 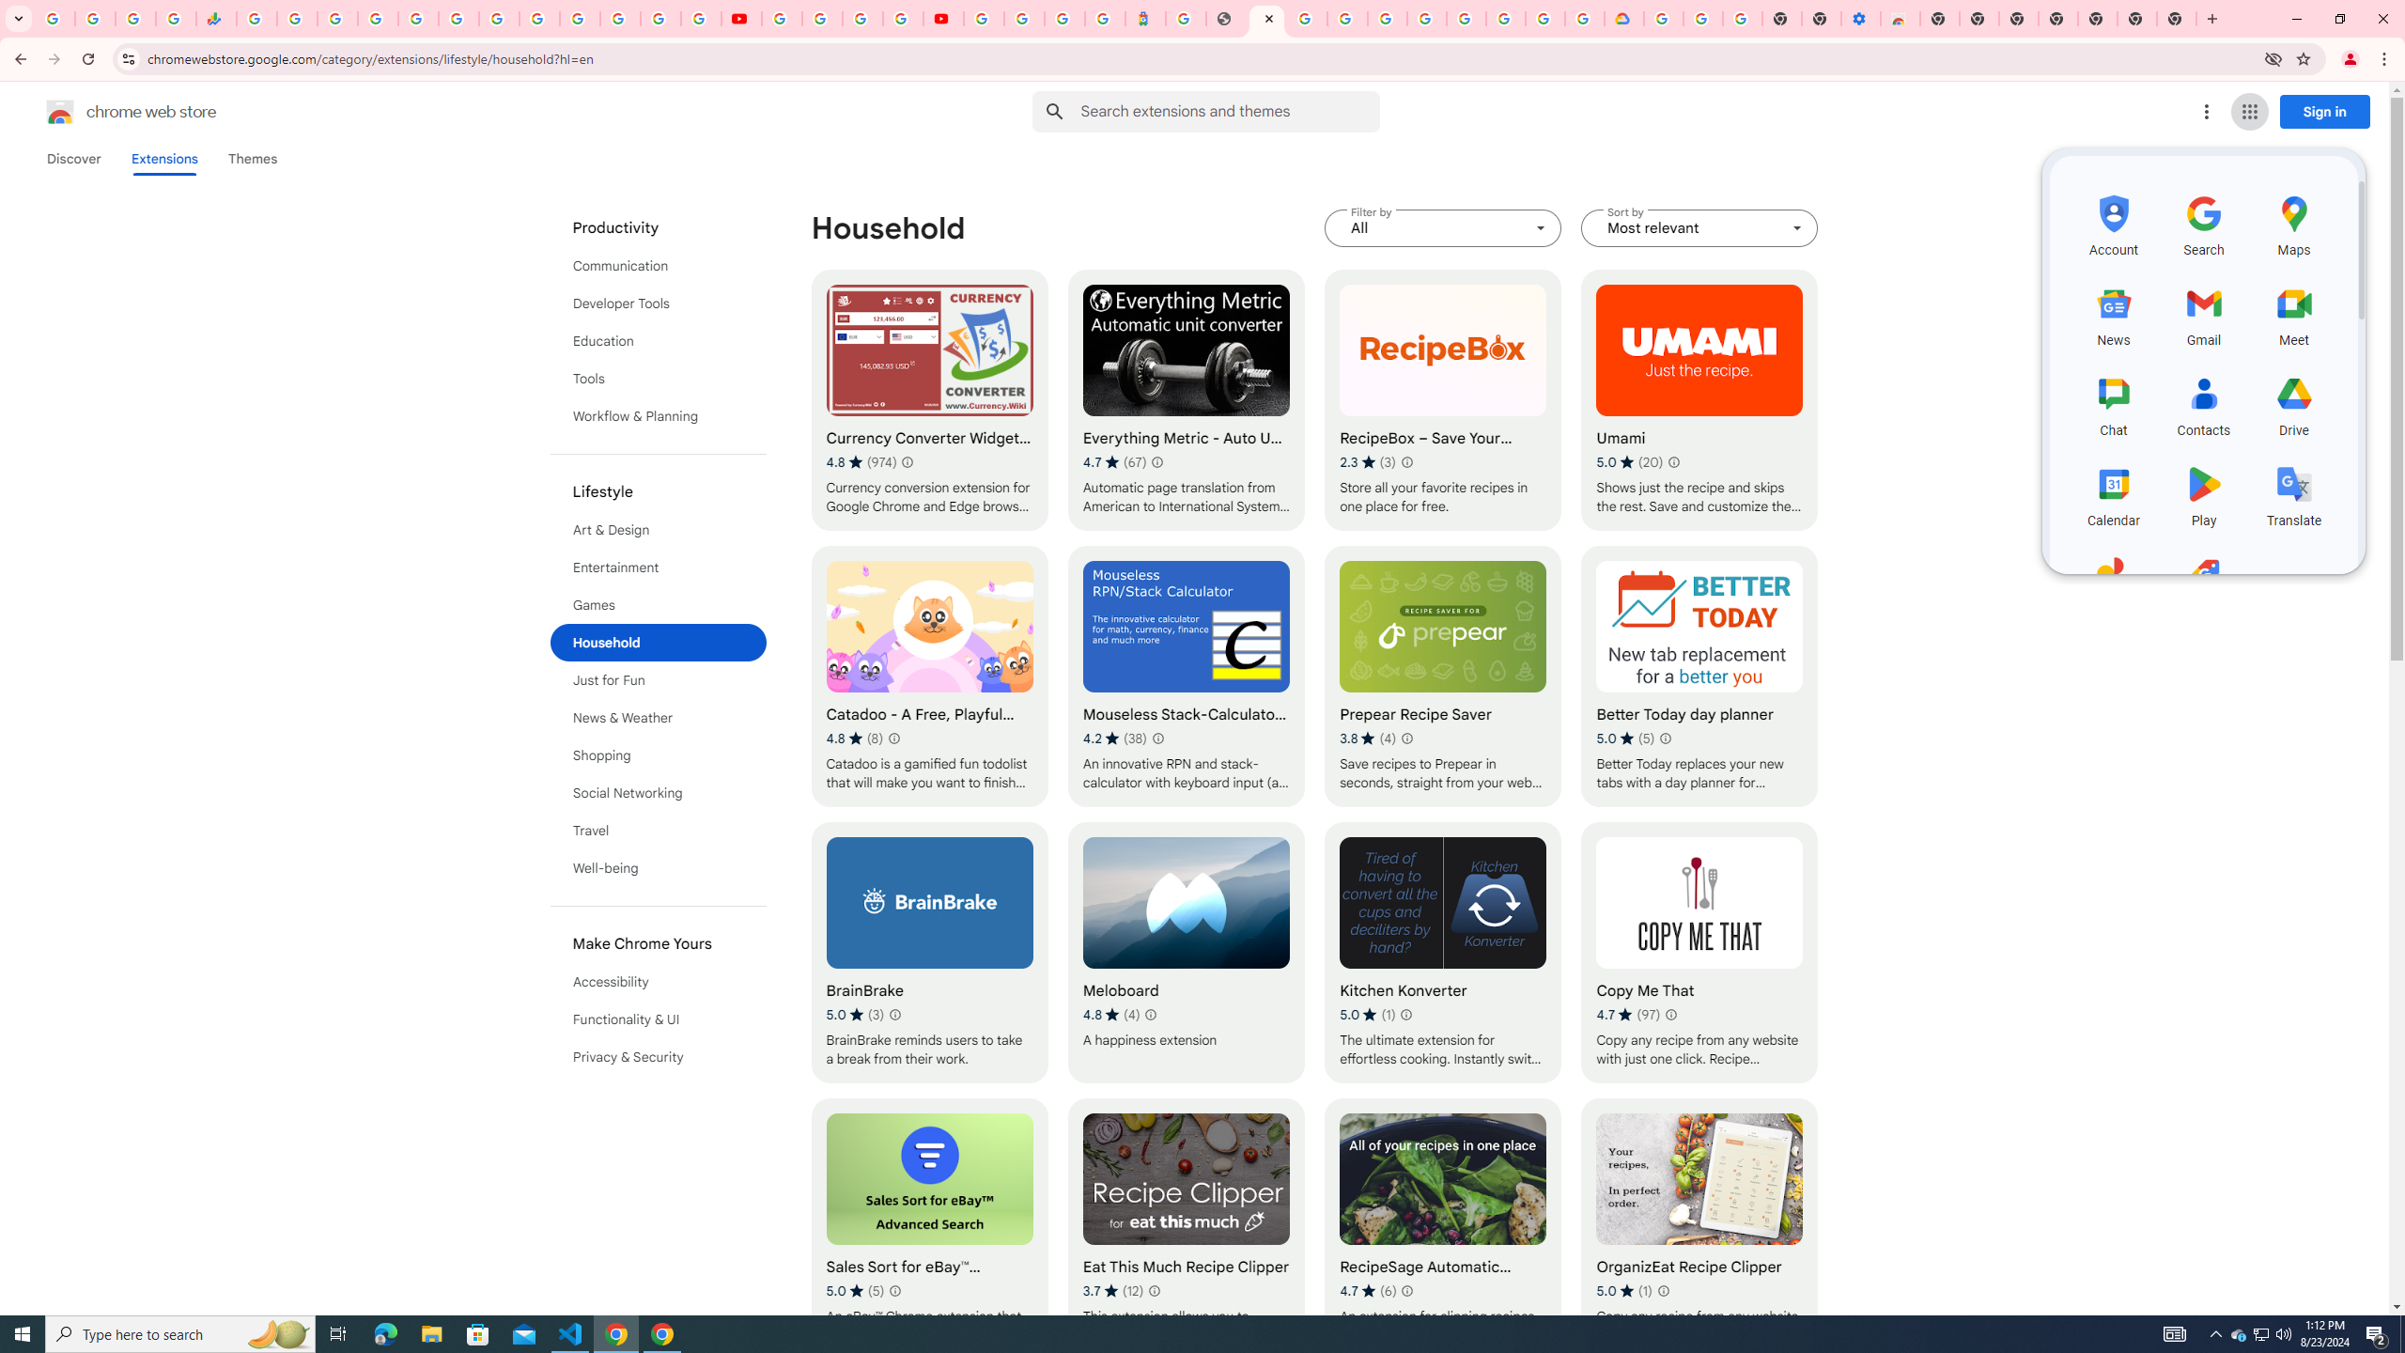 What do you see at coordinates (1149, 1015) in the screenshot?
I see `'Learn more about results and reviews "Meloboard"'` at bounding box center [1149, 1015].